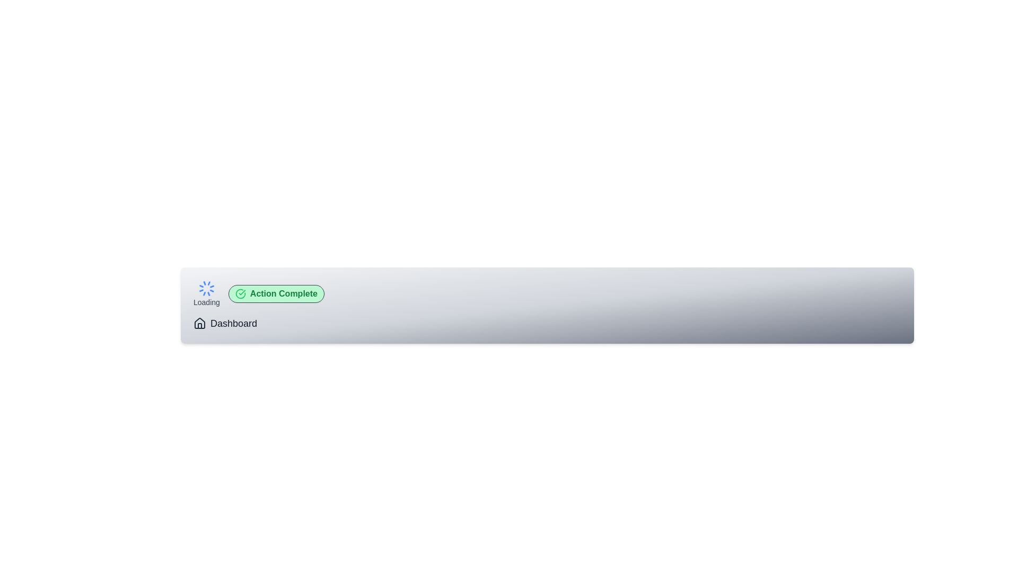 This screenshot has height=572, width=1018. What do you see at coordinates (200, 323) in the screenshot?
I see `the minimalist house-shaped icon with a dark gray outline, representing the 'home' or 'dashboard'` at bounding box center [200, 323].